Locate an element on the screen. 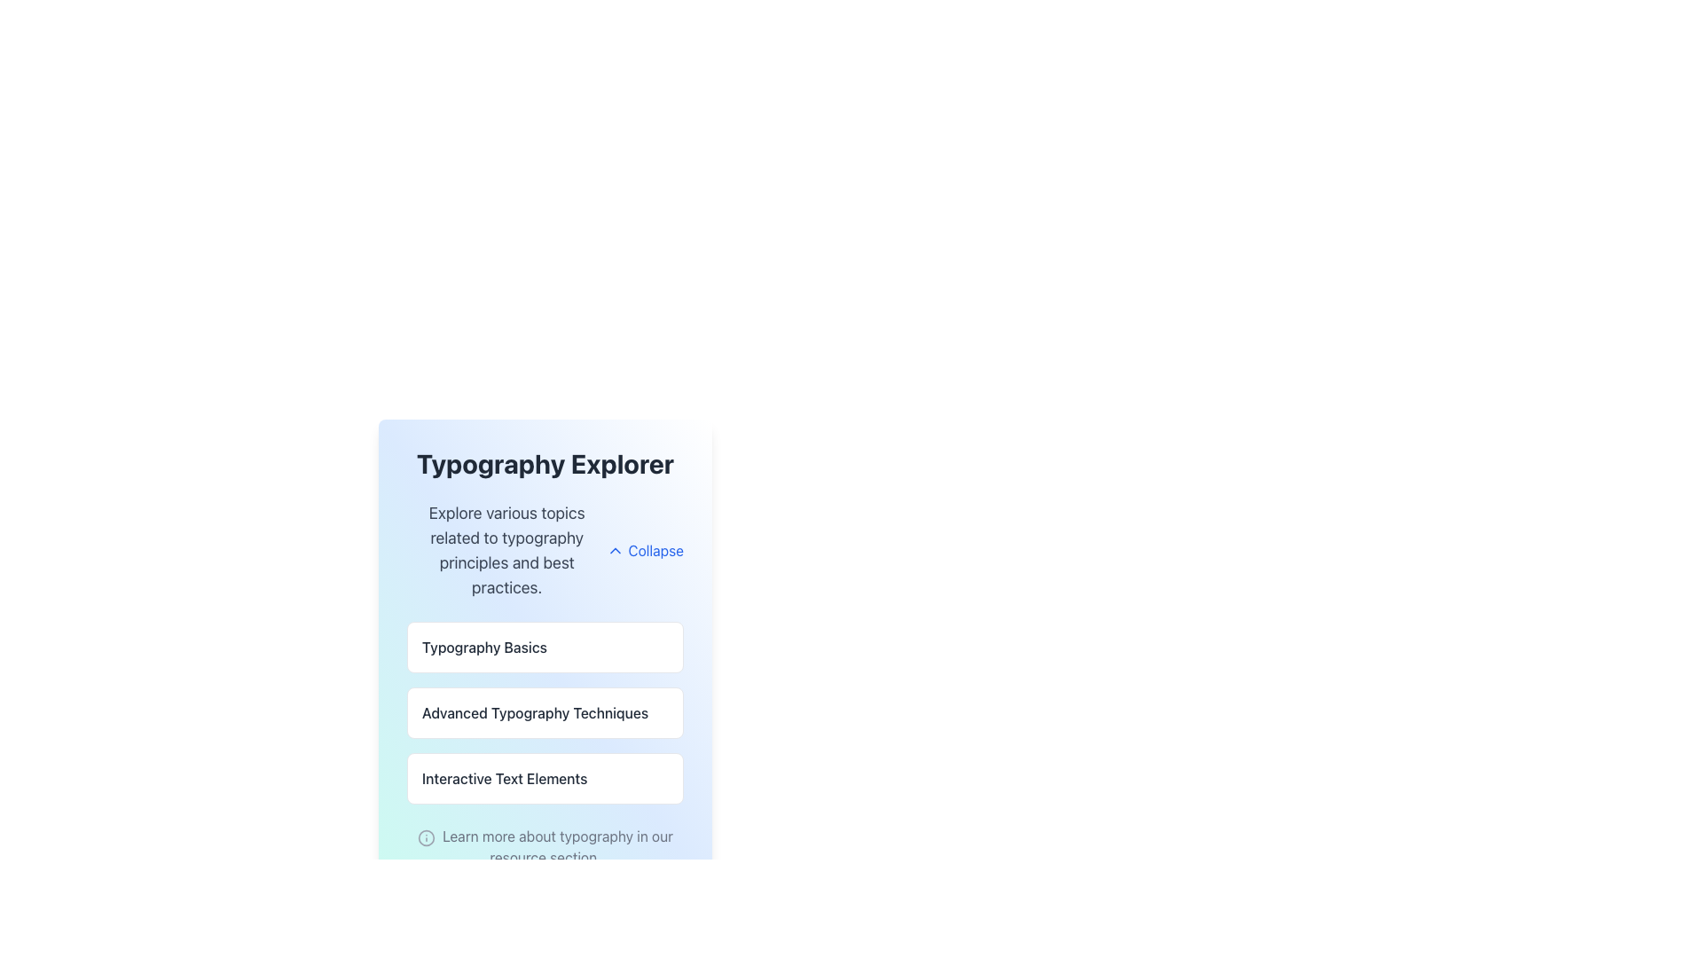 This screenshot has width=1703, height=958. the text label displaying 'Typography Basics', which is the first in a vertical list of topic names located below the 'Typography Explorer' header is located at coordinates (484, 647).